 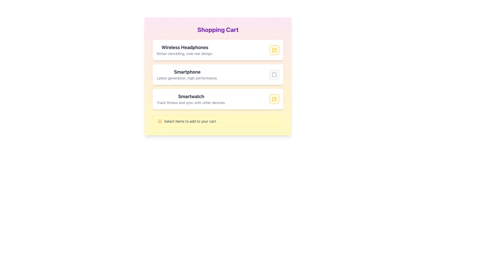 I want to click on the text label providing a descriptive detail for the 'Smartwatch' product located below the heading 'Smartwatch' in the shopping cart interface, so click(x=191, y=102).